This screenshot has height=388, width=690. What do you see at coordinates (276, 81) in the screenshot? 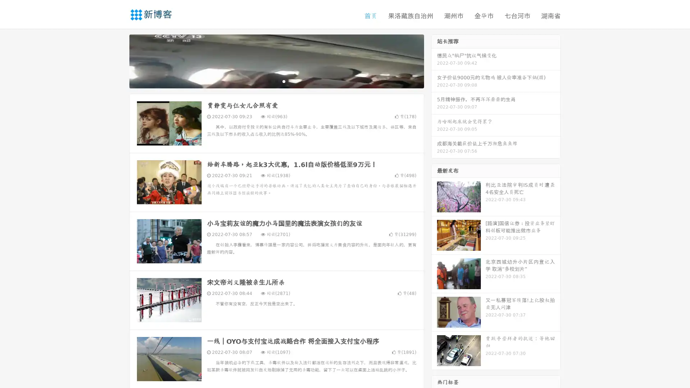
I see `Go to slide 2` at bounding box center [276, 81].